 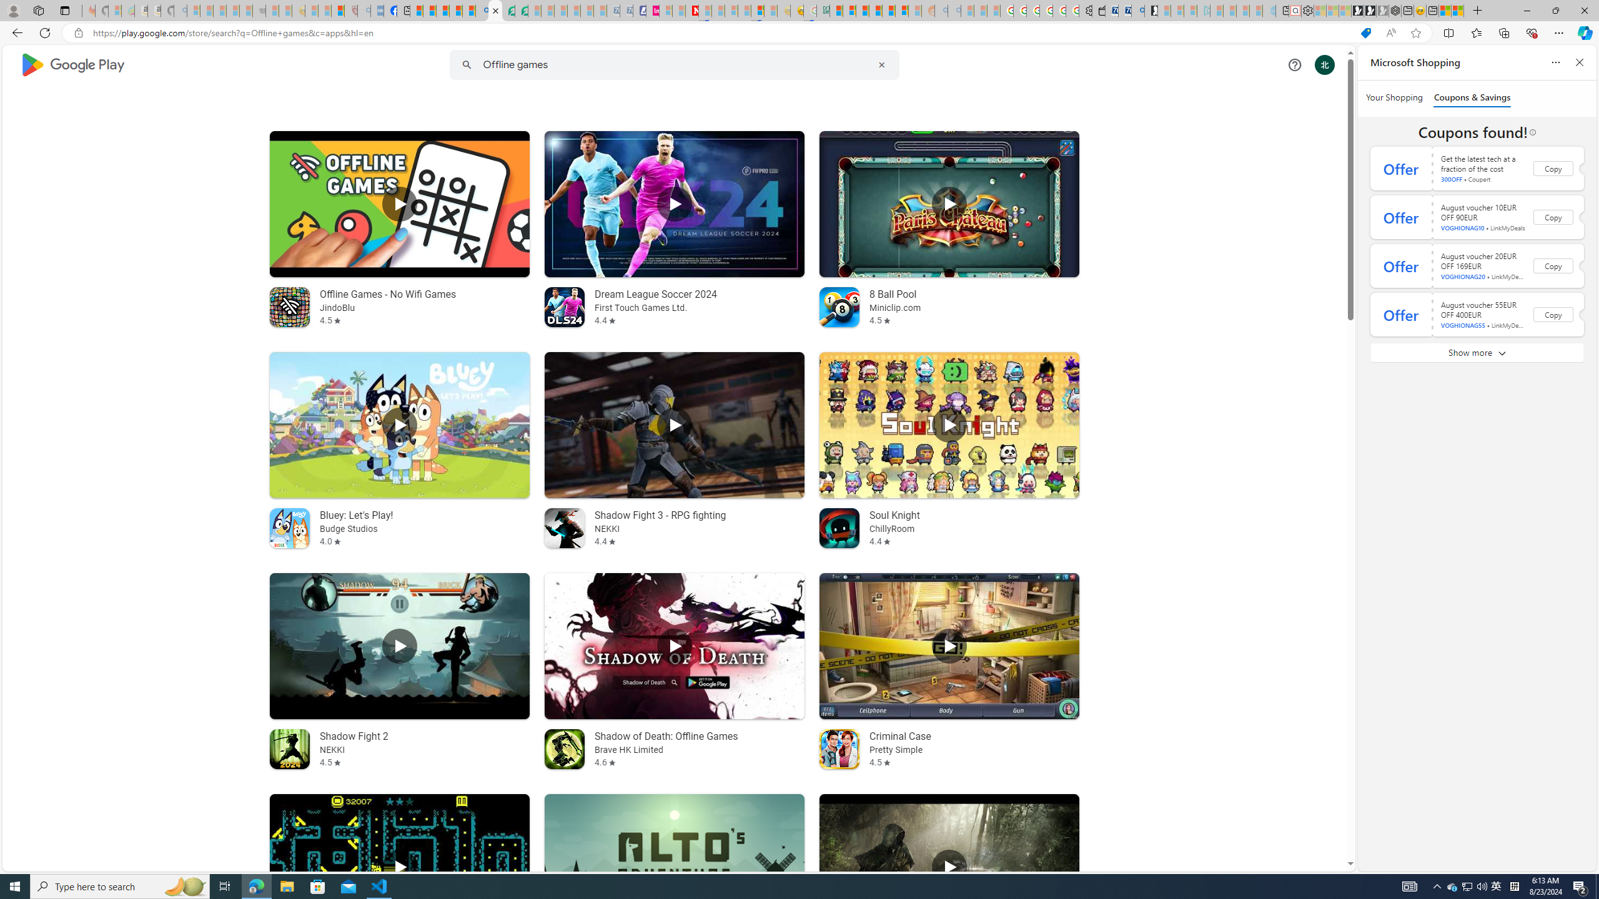 I want to click on 'Kinda Frugal - MSN', so click(x=888, y=10).